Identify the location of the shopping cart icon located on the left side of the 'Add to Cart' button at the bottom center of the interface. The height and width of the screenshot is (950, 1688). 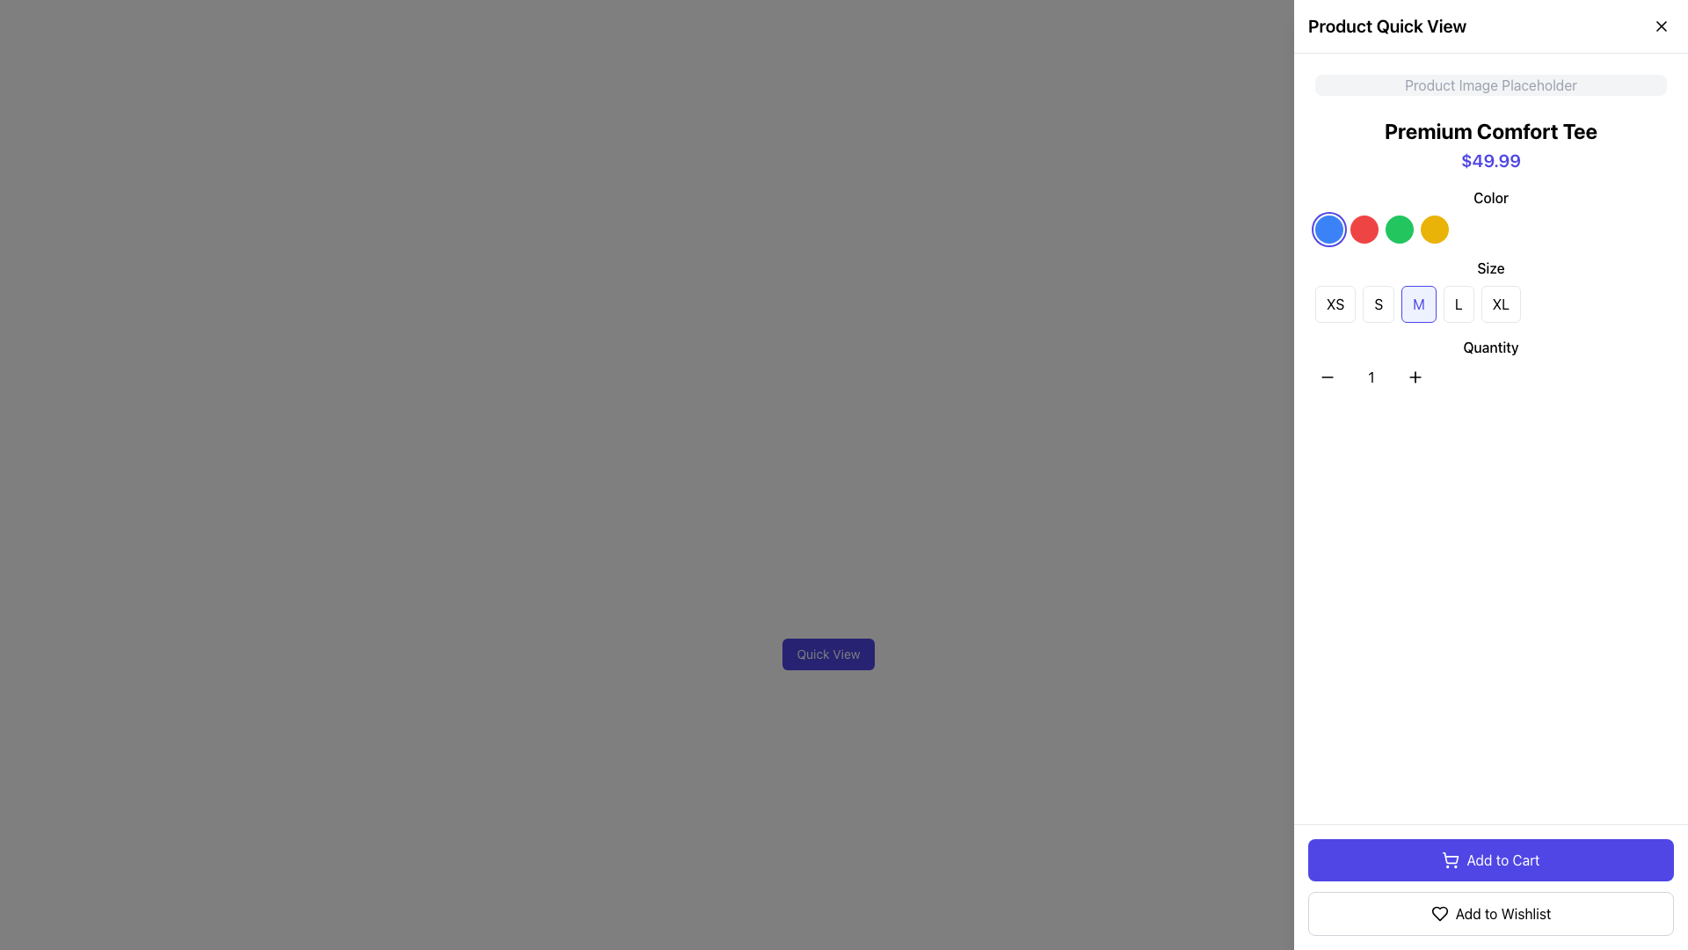
(1451, 859).